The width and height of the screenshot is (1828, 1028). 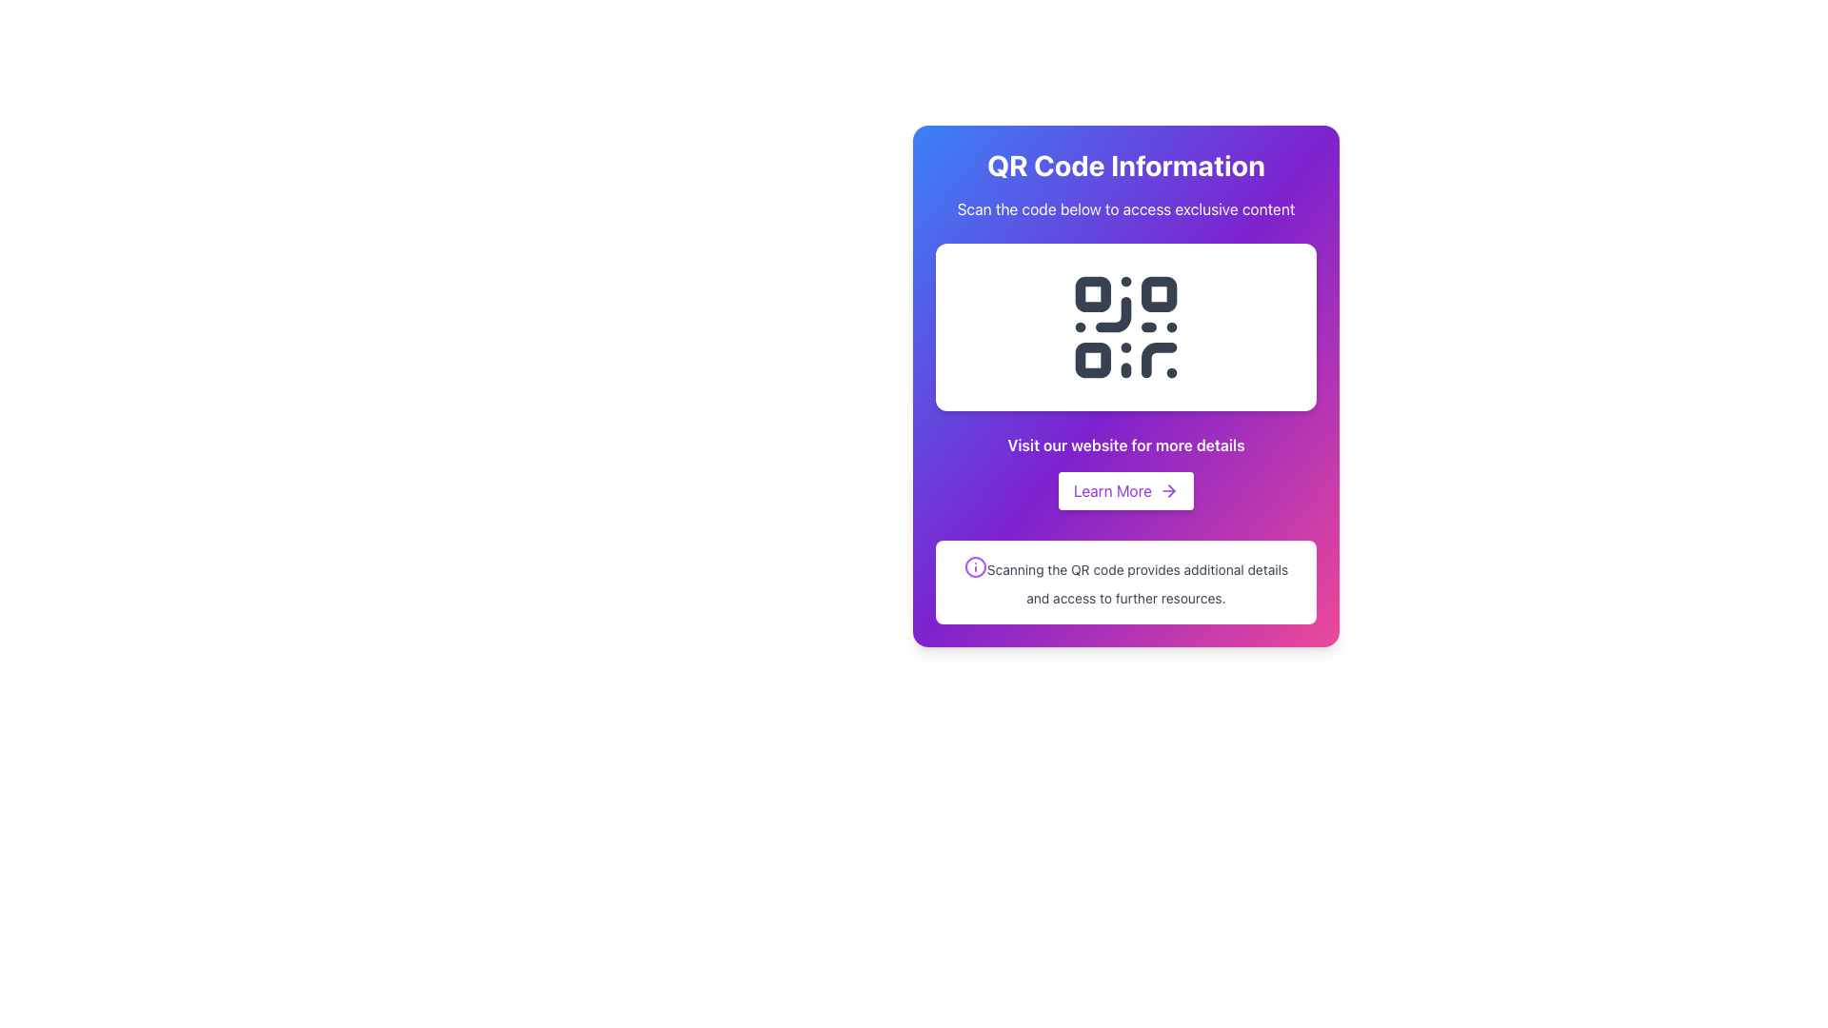 What do you see at coordinates (1125, 582) in the screenshot?
I see `description from the notification box that is a white rounded rectangle with shadow effects, containing information about QR code scanning, located below the 'Learn More' button` at bounding box center [1125, 582].